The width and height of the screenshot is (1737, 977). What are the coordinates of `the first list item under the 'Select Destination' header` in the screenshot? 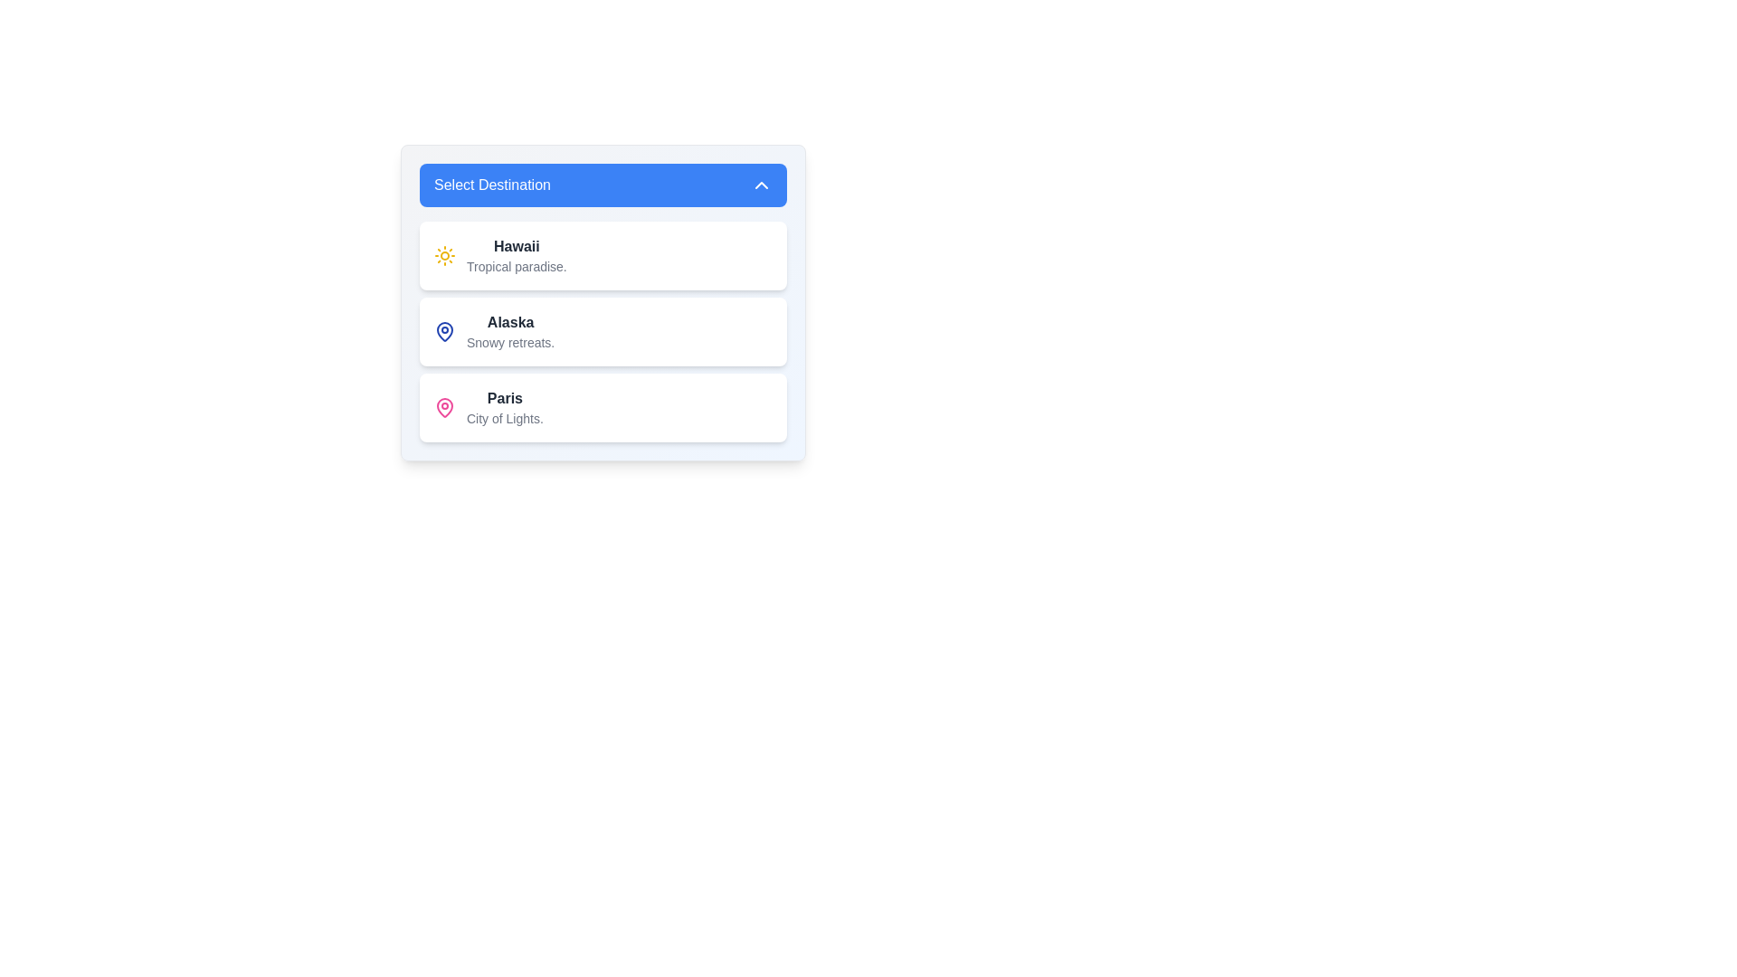 It's located at (500, 255).